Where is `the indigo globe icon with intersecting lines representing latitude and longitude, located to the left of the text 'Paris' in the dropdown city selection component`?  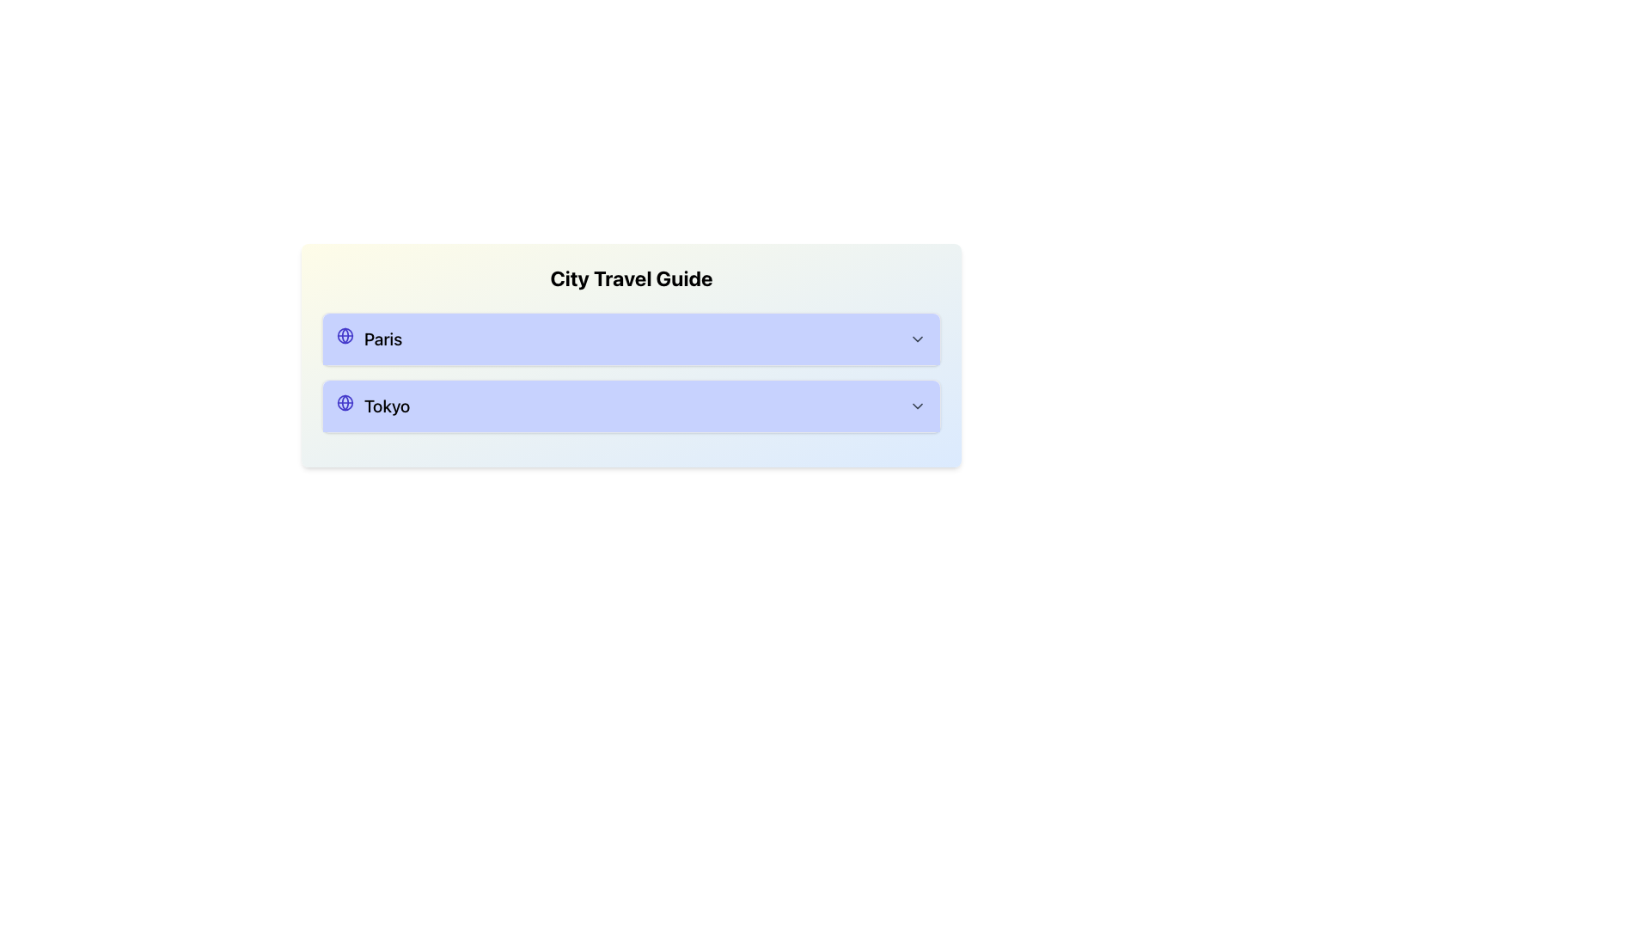 the indigo globe icon with intersecting lines representing latitude and longitude, located to the left of the text 'Paris' in the dropdown city selection component is located at coordinates (345, 335).